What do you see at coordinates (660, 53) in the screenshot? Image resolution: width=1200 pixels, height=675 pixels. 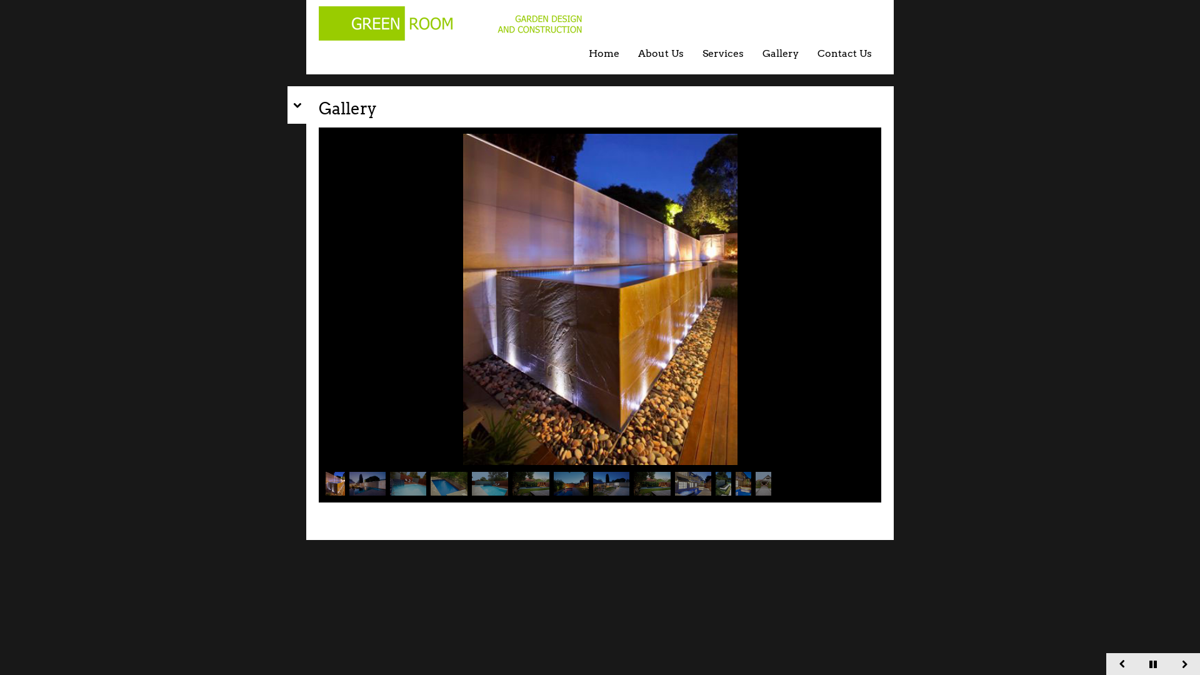 I see `'About Us'` at bounding box center [660, 53].